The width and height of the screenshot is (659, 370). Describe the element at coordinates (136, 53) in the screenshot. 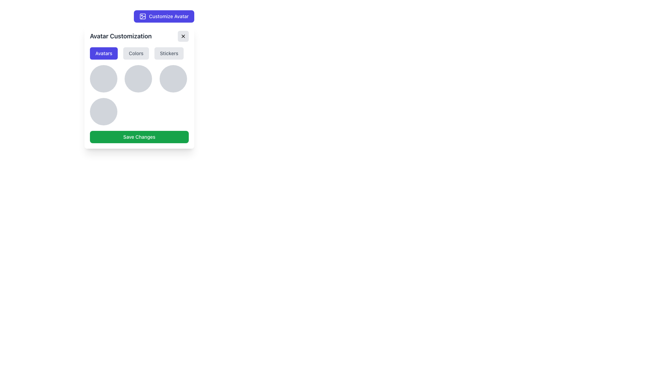

I see `the second button under the 'Avatar Customization' section` at that location.